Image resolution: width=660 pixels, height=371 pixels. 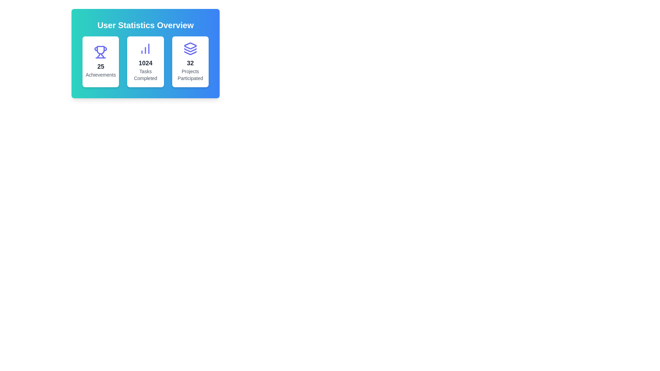 I want to click on displayed information on the Information card located in the rightmost column, under the heading 'User Statistics Overview', so click(x=190, y=62).